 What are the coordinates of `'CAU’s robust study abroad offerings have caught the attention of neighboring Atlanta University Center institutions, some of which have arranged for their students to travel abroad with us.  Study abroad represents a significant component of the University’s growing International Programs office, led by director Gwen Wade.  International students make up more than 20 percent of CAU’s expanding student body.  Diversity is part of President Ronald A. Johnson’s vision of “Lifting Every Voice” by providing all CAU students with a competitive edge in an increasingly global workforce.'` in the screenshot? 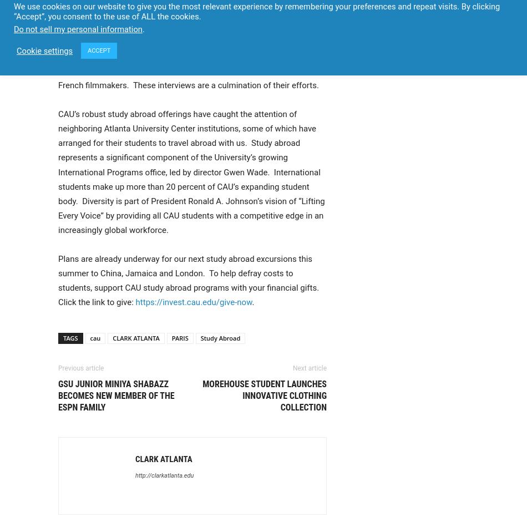 It's located at (191, 171).